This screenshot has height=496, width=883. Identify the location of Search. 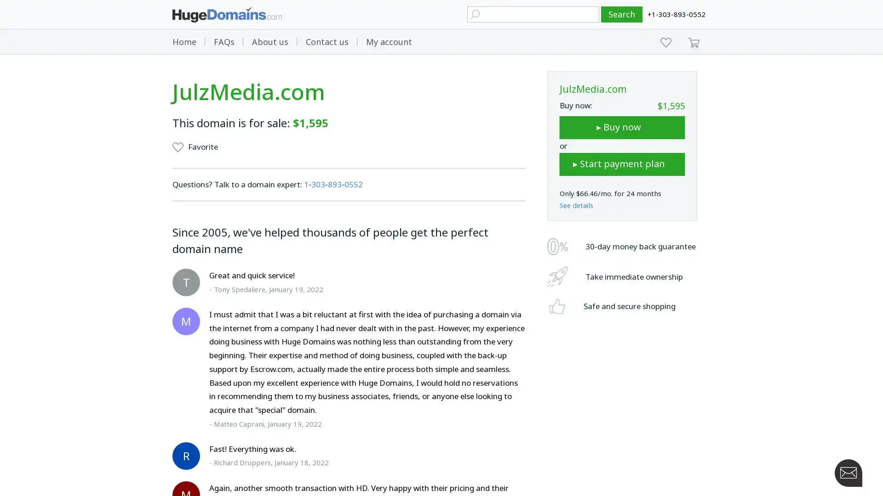
(622, 14).